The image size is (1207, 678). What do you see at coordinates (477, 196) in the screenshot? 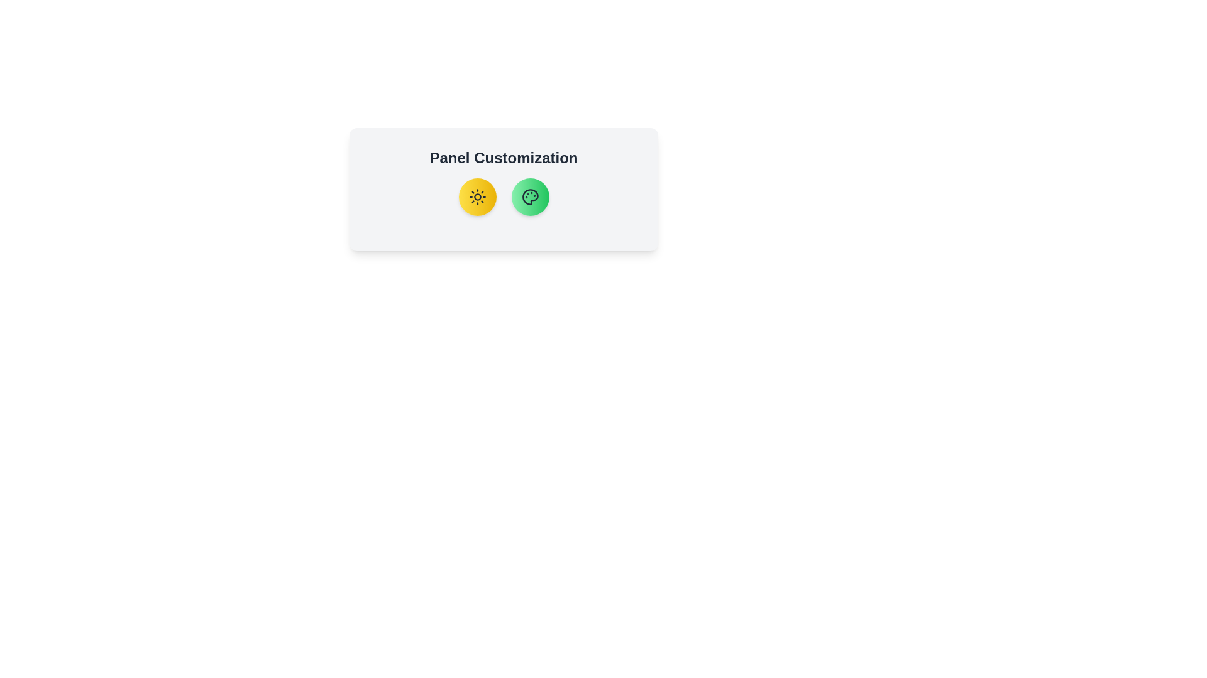
I see `the sun-shaped icon button with a yellow-orange circular gradient background` at bounding box center [477, 196].